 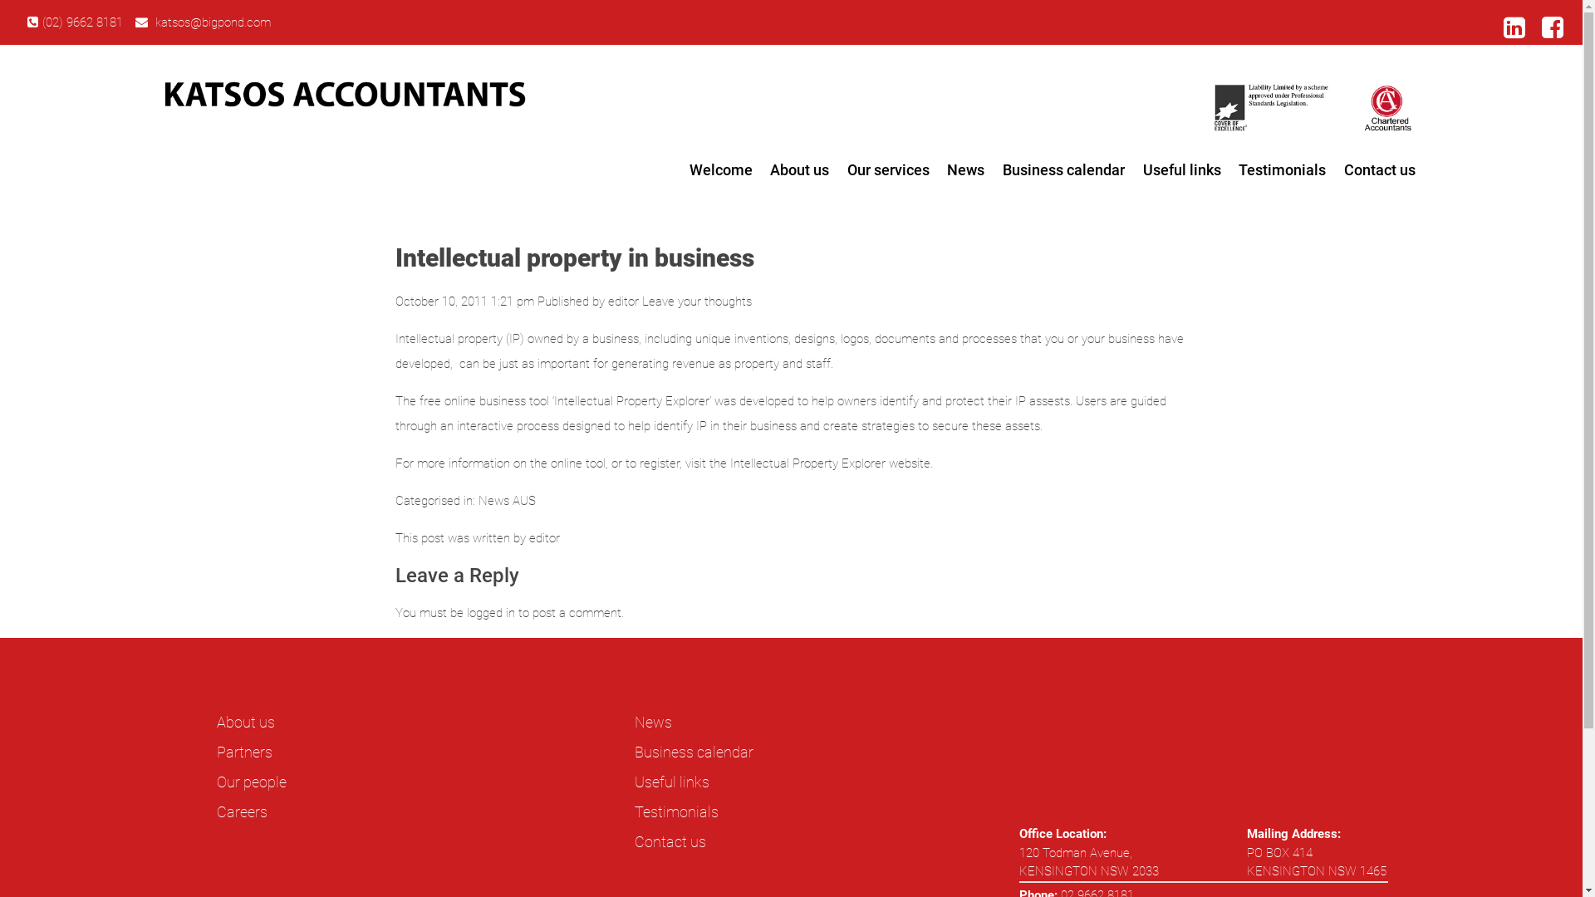 What do you see at coordinates (729, 463) in the screenshot?
I see `'Intellectual Property Explorer'` at bounding box center [729, 463].